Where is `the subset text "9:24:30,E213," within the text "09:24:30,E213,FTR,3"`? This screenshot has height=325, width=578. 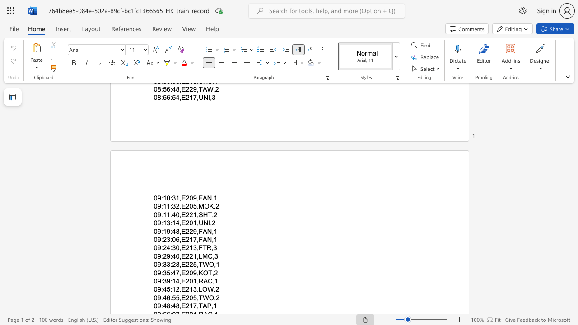
the subset text "9:24:30,E213," within the text "09:24:30,E213,FTR,3" is located at coordinates (157, 248).